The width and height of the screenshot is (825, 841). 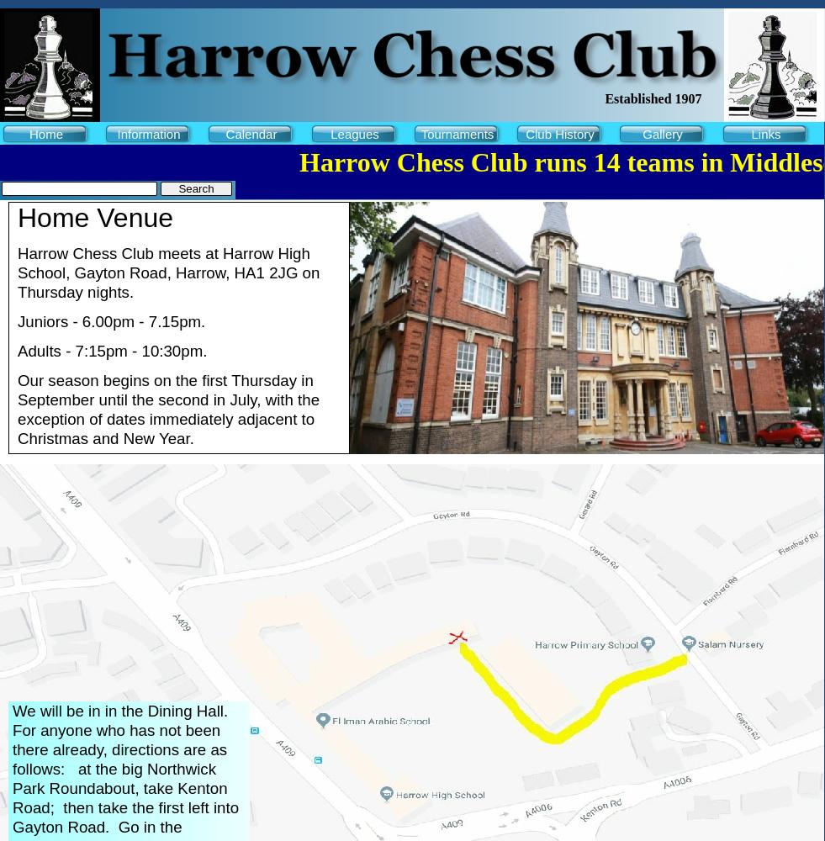 I want to click on 'Established 1907', so click(x=653, y=98).